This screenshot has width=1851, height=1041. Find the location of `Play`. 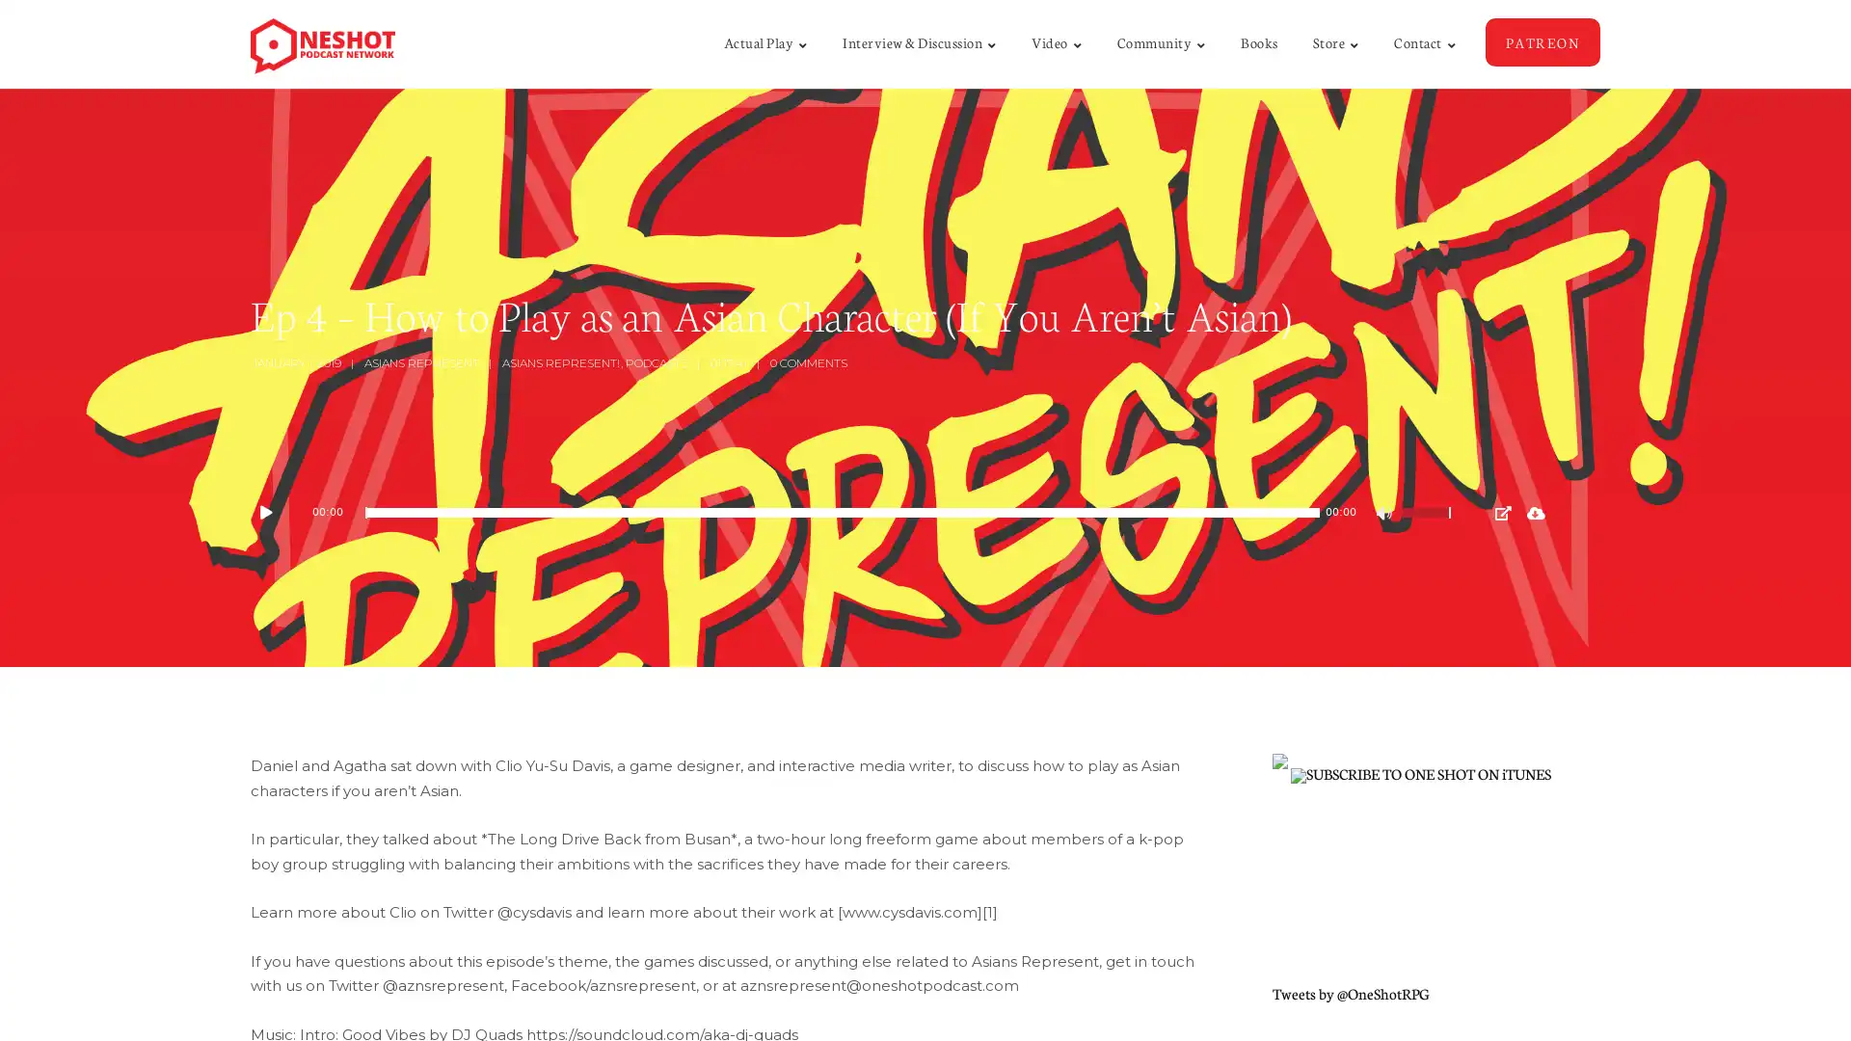

Play is located at coordinates (275, 512).